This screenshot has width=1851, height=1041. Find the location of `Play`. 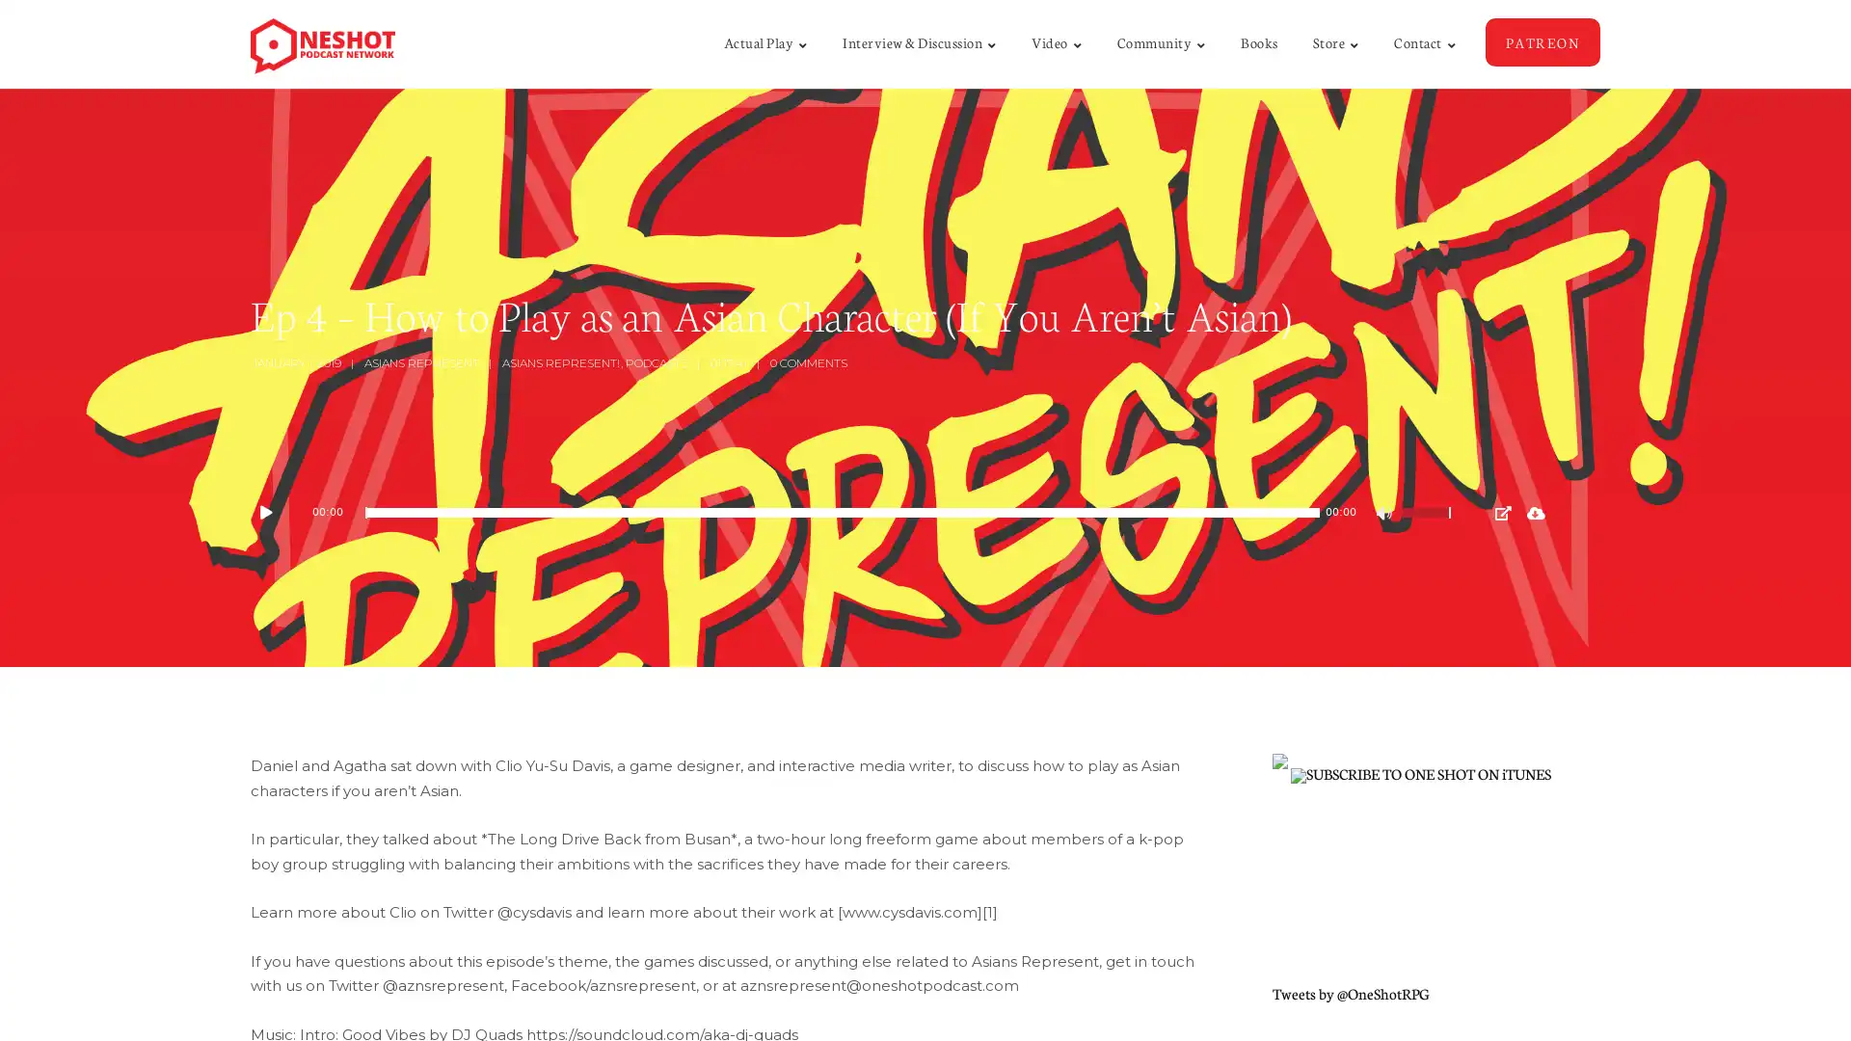

Play is located at coordinates (275, 512).